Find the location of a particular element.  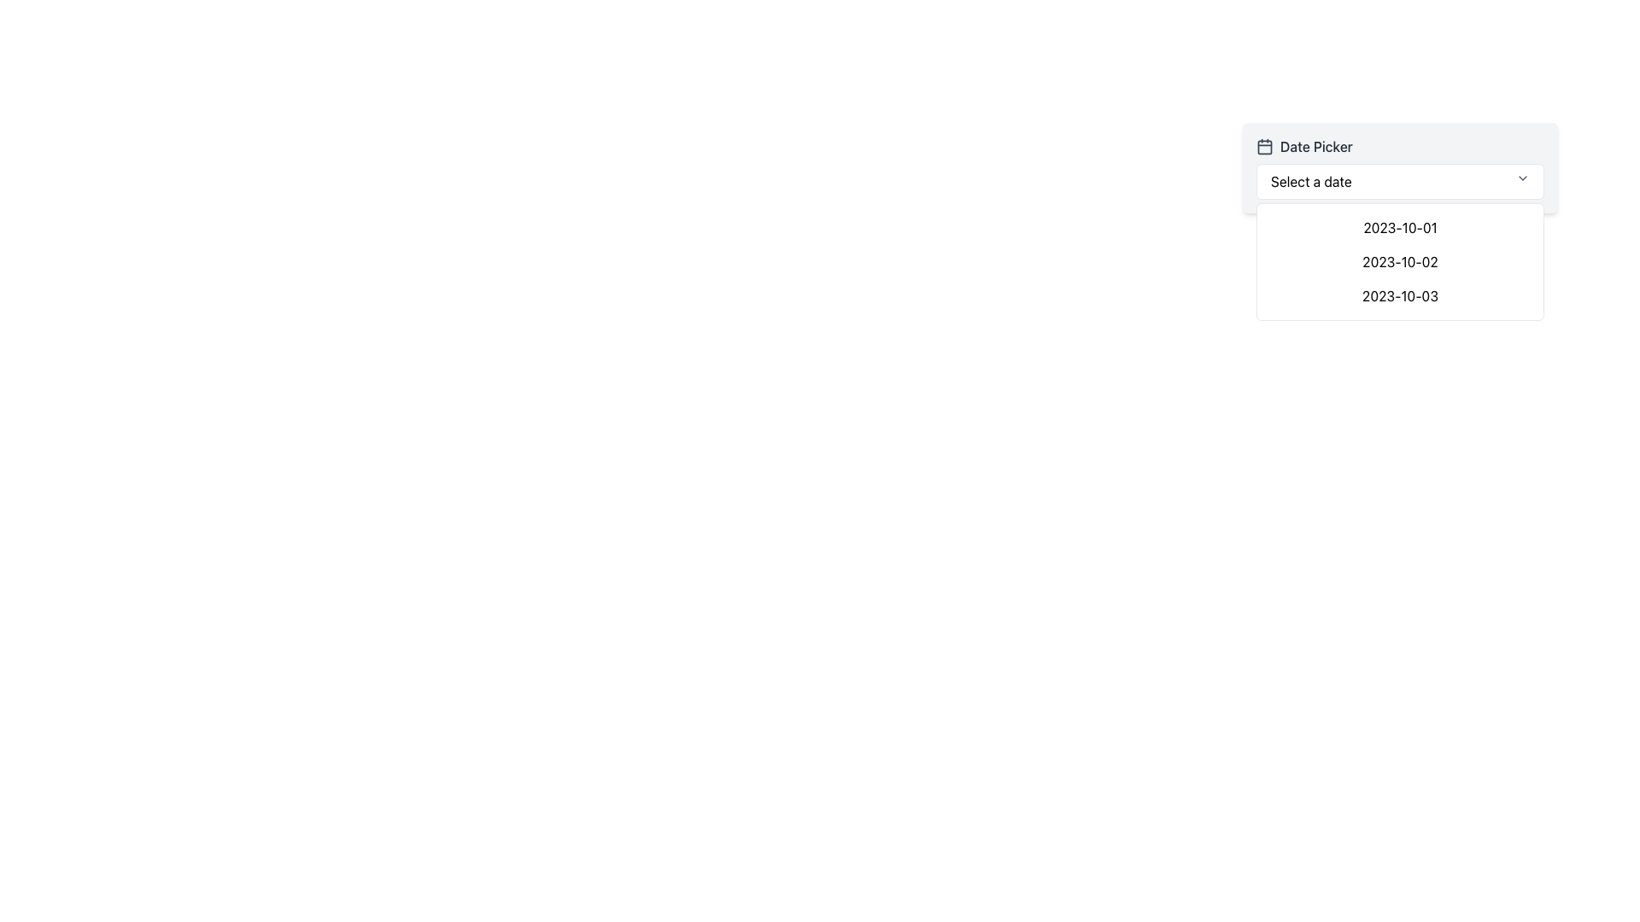

the first date option '2023-10-01' in the dropdown menu is located at coordinates (1400, 226).